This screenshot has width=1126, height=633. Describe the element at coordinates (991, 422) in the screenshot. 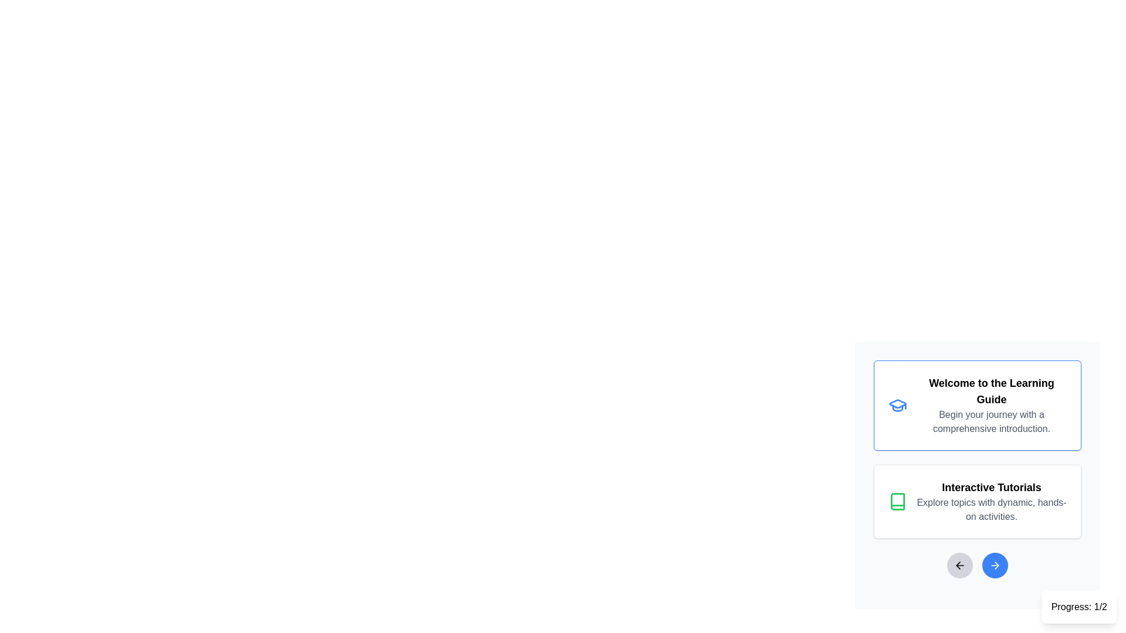

I see `the Text Label displaying 'Begin your journey with a comprehensive introduction.' which is styled in muted gray and is located below 'Welcome to the Learning Guide'` at that location.